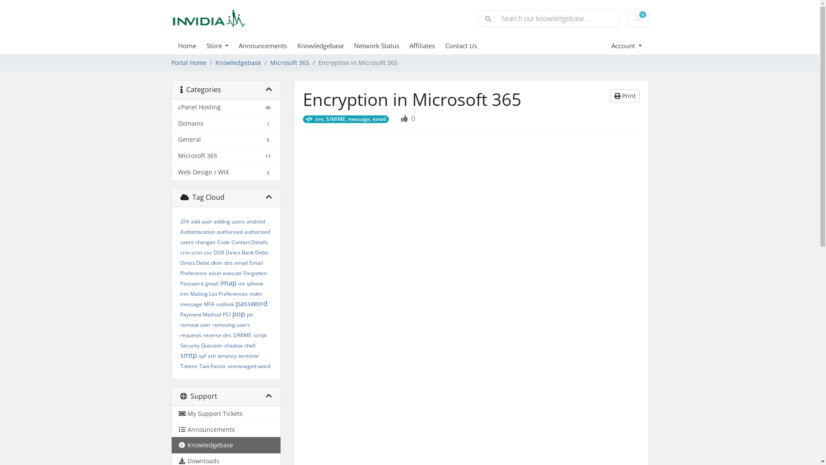  Describe the element at coordinates (214, 273) in the screenshot. I see `'excel'` at that location.